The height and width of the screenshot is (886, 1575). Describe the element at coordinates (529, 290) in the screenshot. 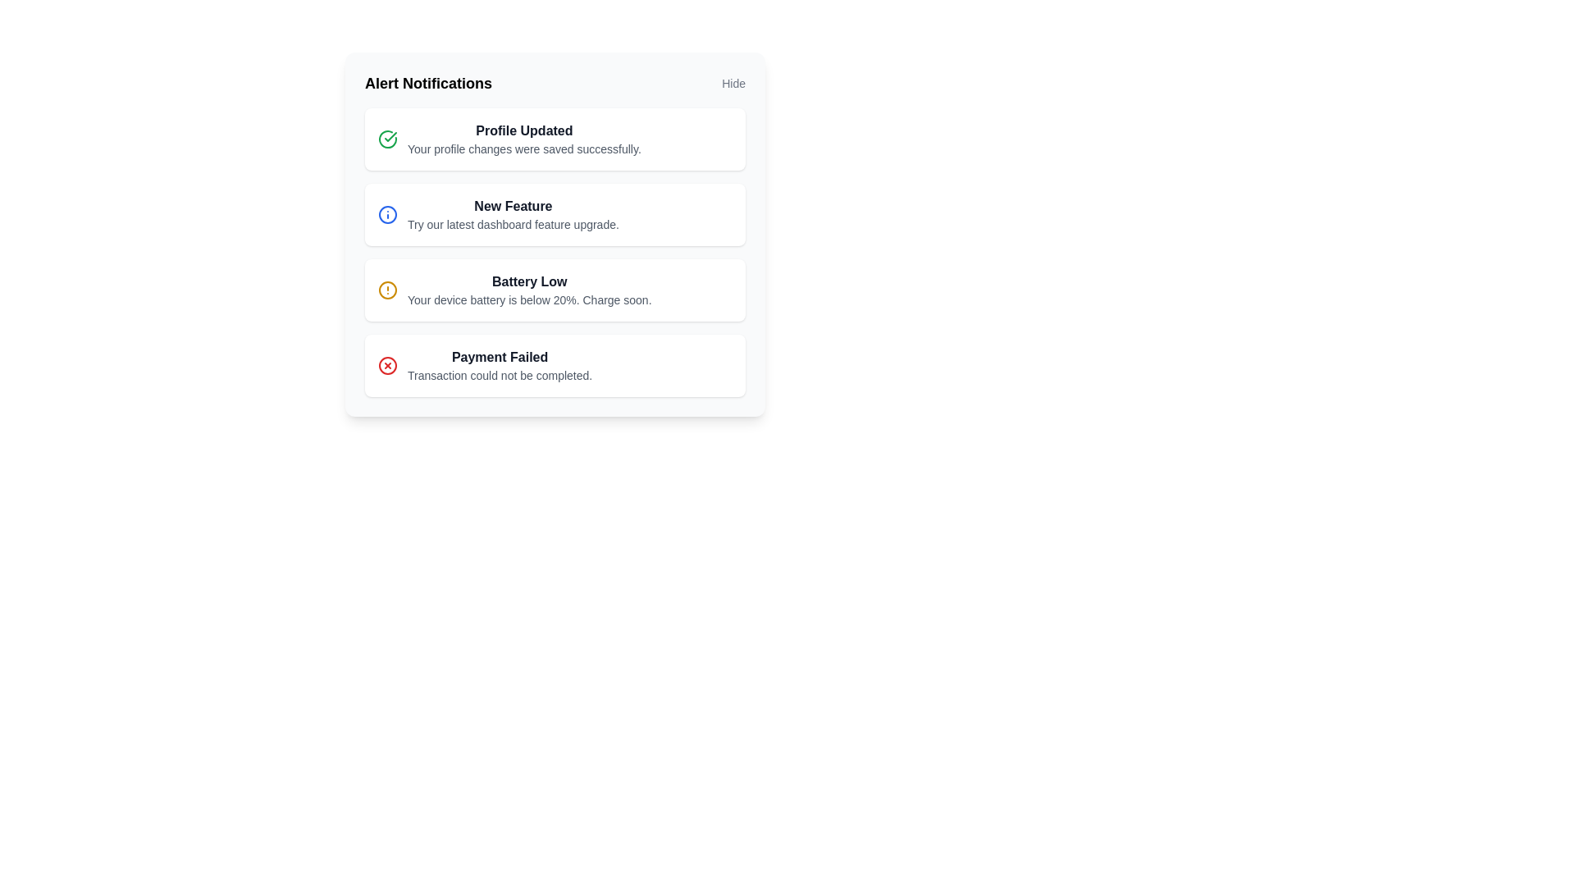

I see `the Informational Text Block that notifies the user about the device battery being below 20%` at that location.